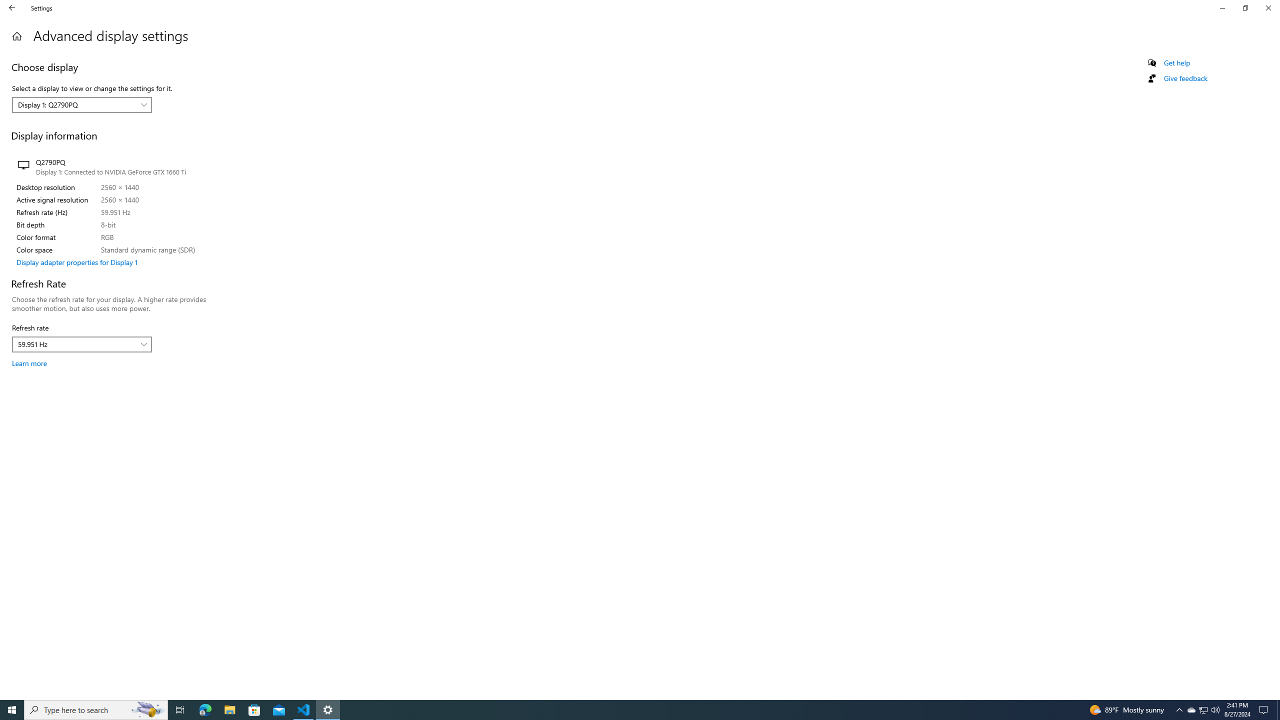  Describe the element at coordinates (81, 344) in the screenshot. I see `'Refresh rate'` at that location.